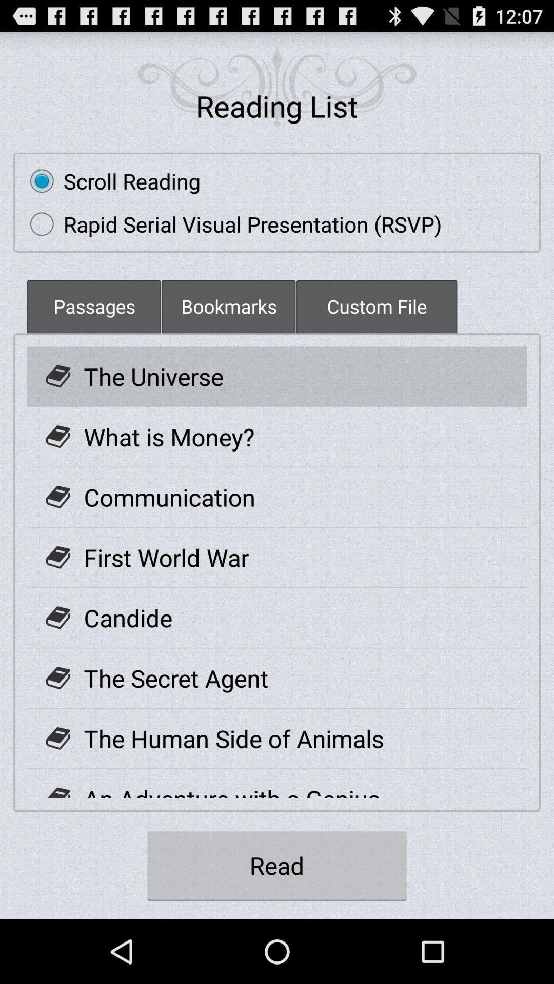 Image resolution: width=554 pixels, height=984 pixels. What do you see at coordinates (94, 305) in the screenshot?
I see `the passages item` at bounding box center [94, 305].